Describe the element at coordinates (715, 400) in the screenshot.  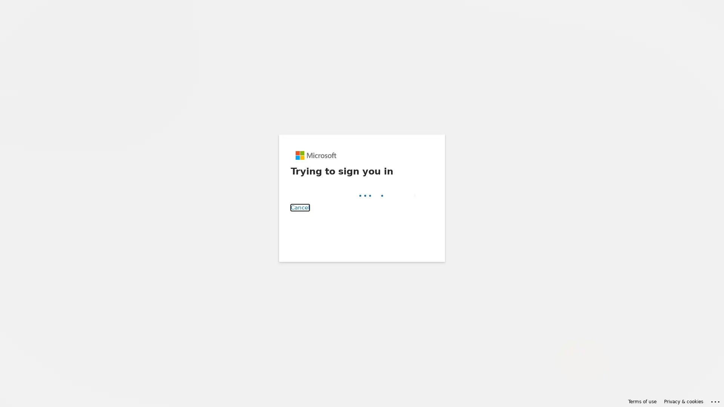
I see `Click here for troubleshooting information` at that location.